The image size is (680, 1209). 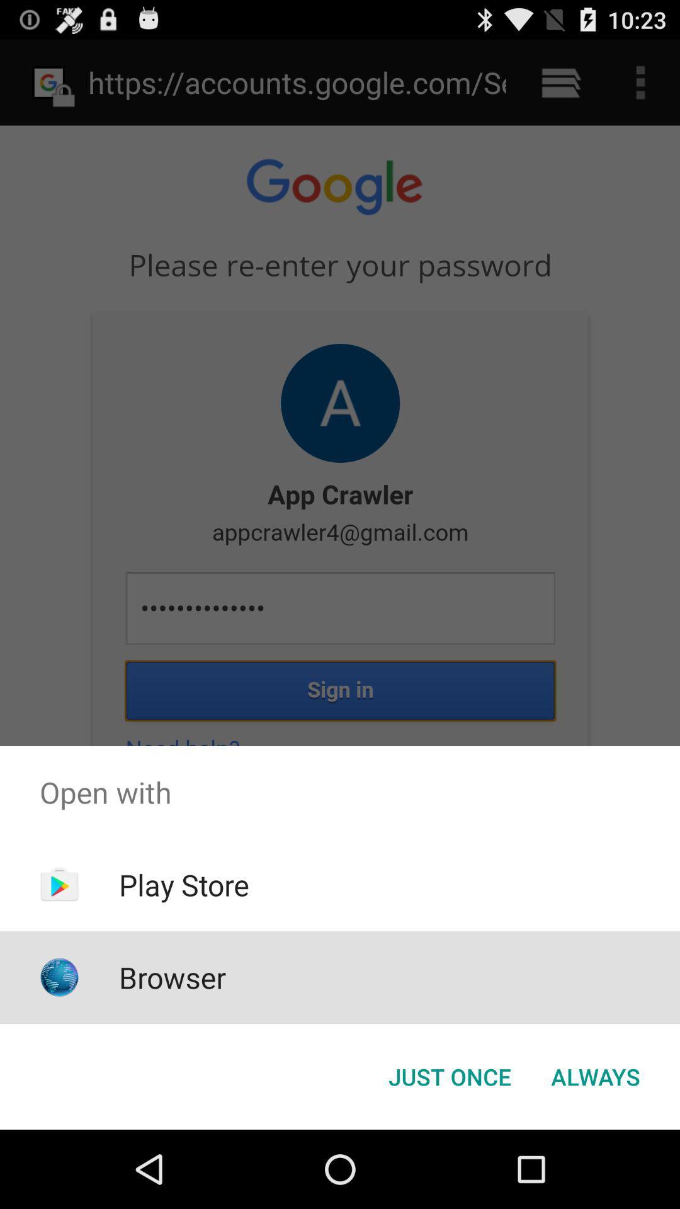 I want to click on the button next to always, so click(x=449, y=1076).